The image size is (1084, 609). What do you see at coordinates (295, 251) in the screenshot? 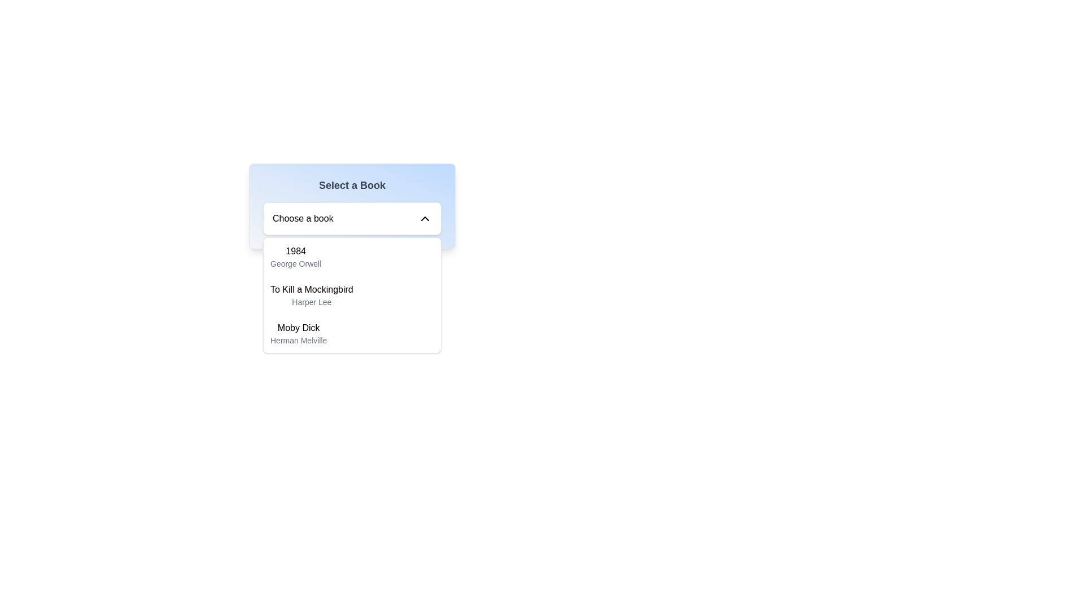
I see `the text label displaying '1984'` at bounding box center [295, 251].